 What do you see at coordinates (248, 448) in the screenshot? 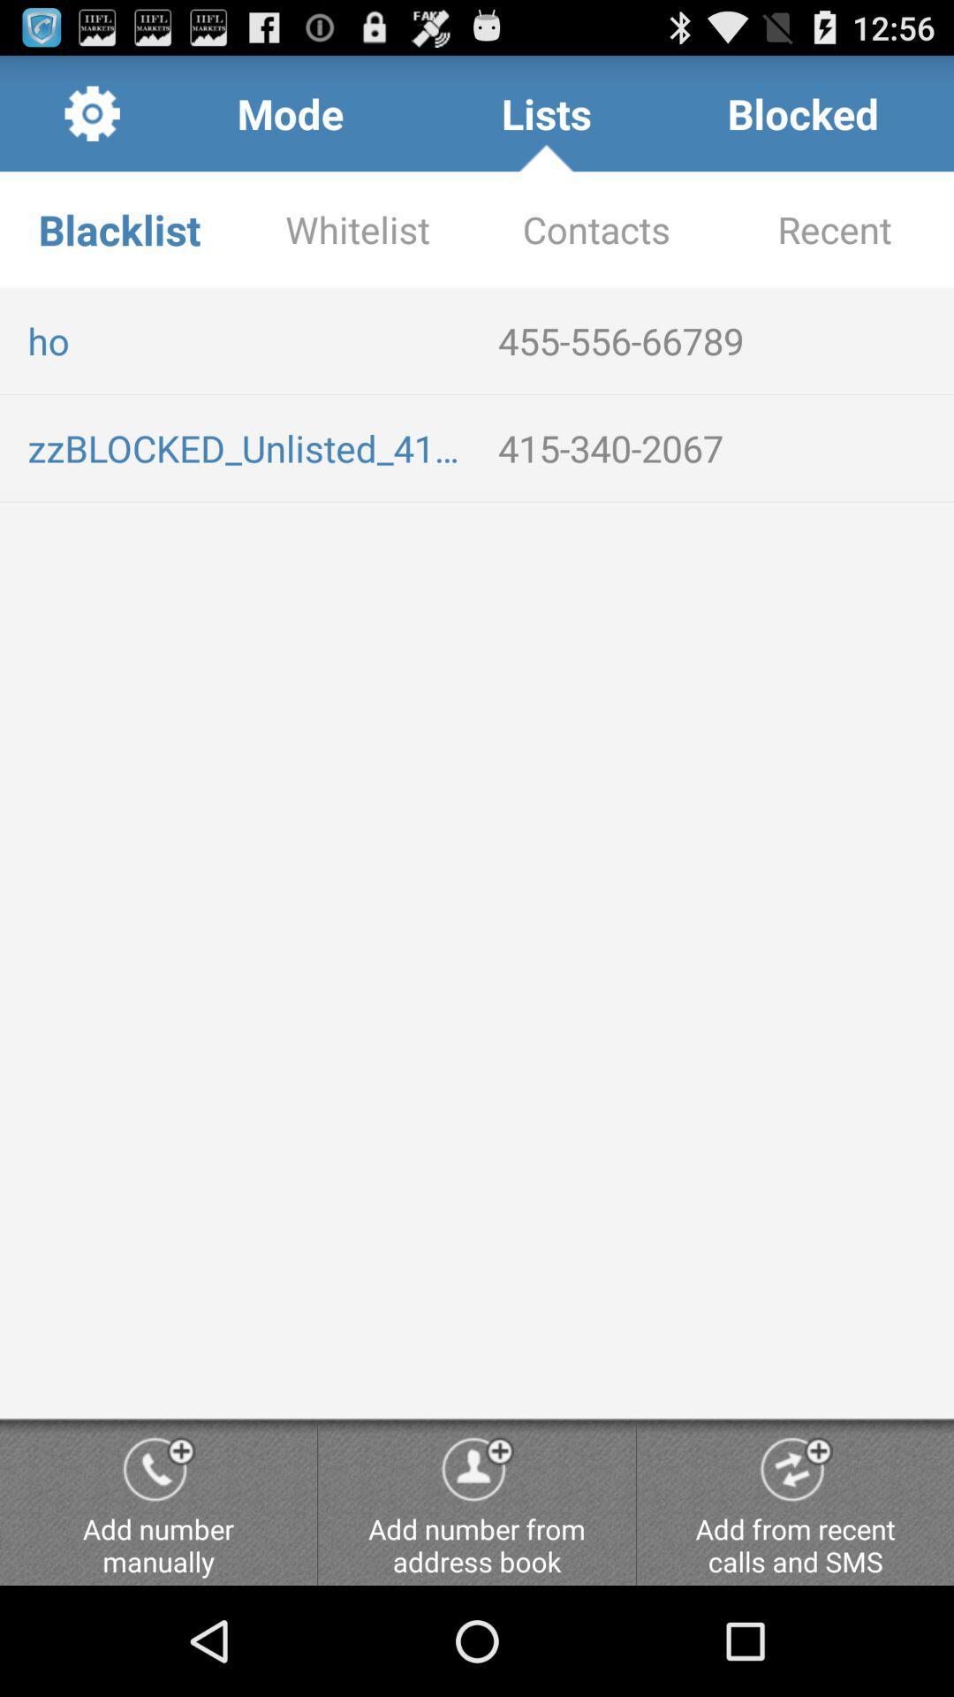
I see `the zzblocked_unlisted_4153402067` at bounding box center [248, 448].